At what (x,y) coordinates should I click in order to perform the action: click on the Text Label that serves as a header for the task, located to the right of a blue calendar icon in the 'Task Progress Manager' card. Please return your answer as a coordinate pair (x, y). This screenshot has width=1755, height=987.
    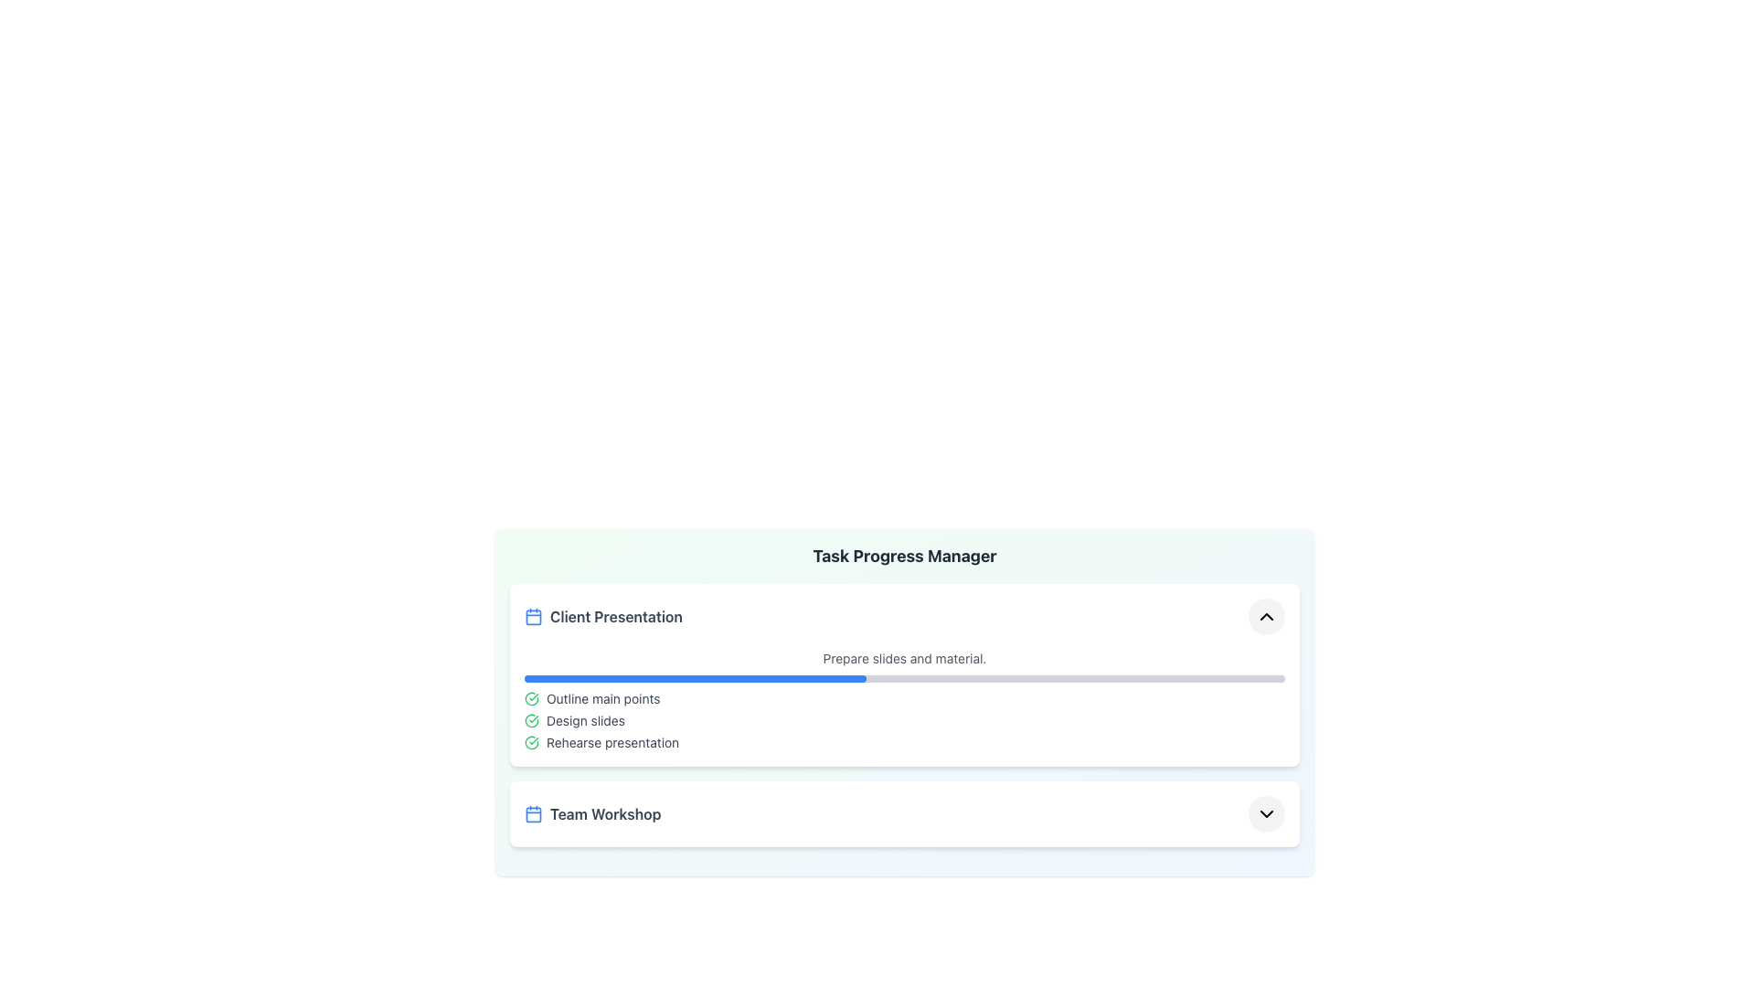
    Looking at the image, I should click on (616, 617).